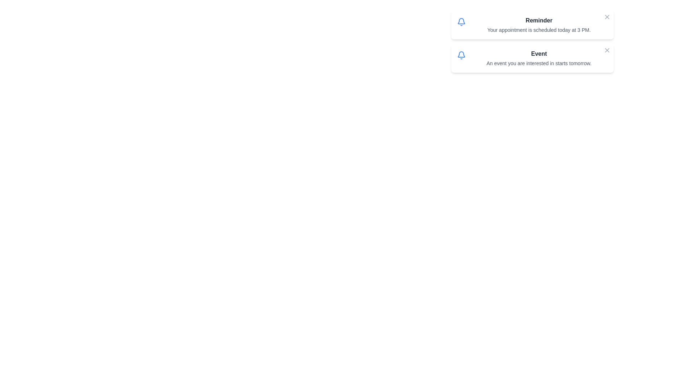 The image size is (696, 391). Describe the element at coordinates (539, 58) in the screenshot. I see `information displayed in the notification card containing the word 'Event' in bold and dark-grey font, along with the message 'An event you are interested in starts tomorrow.'` at that location.